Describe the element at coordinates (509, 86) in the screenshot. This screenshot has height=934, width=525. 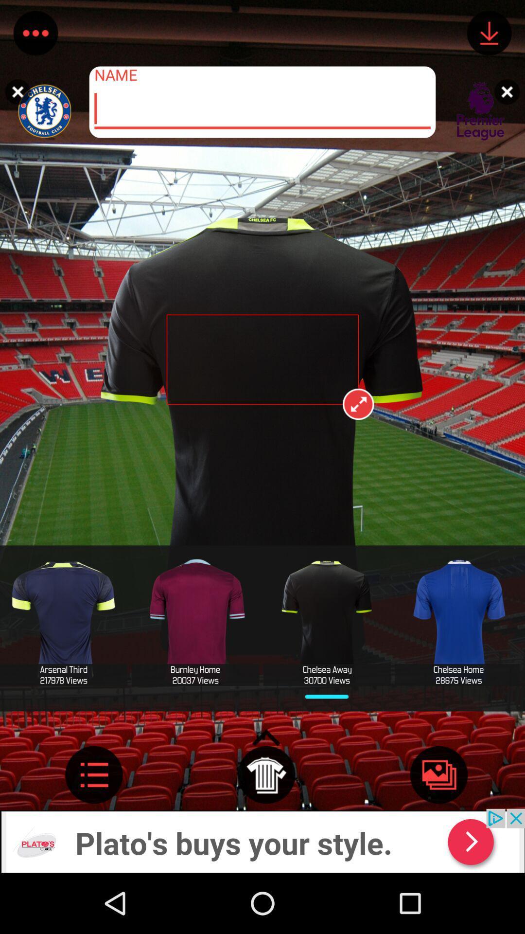
I see `the wrong icon which is right to the name field` at that location.